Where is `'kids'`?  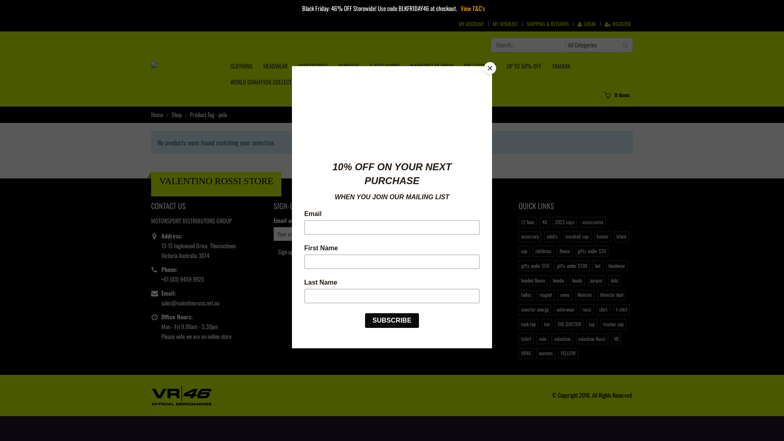 'kids' is located at coordinates (614, 280).